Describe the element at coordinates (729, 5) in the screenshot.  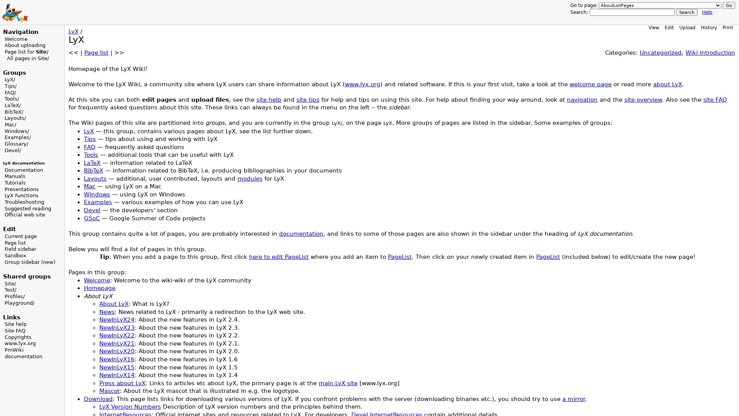
I see `Go` at that location.